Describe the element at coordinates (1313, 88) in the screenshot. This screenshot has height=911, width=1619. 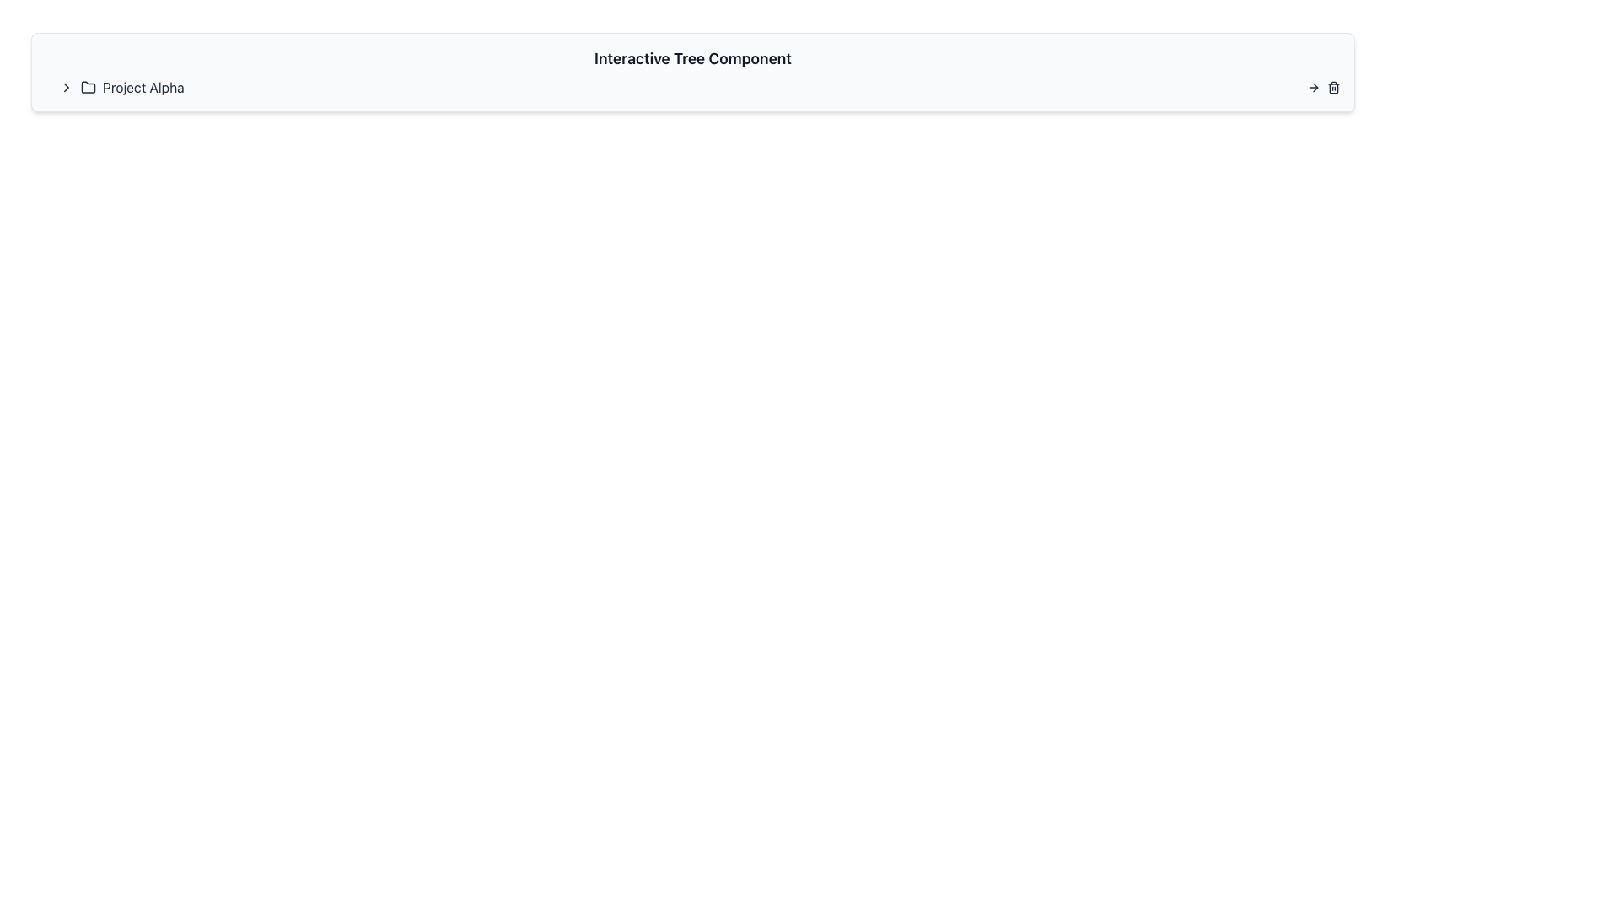
I see `the rightward arrow icon at the top-right corner of the interface, which is styled with green highlights upon interaction` at that location.